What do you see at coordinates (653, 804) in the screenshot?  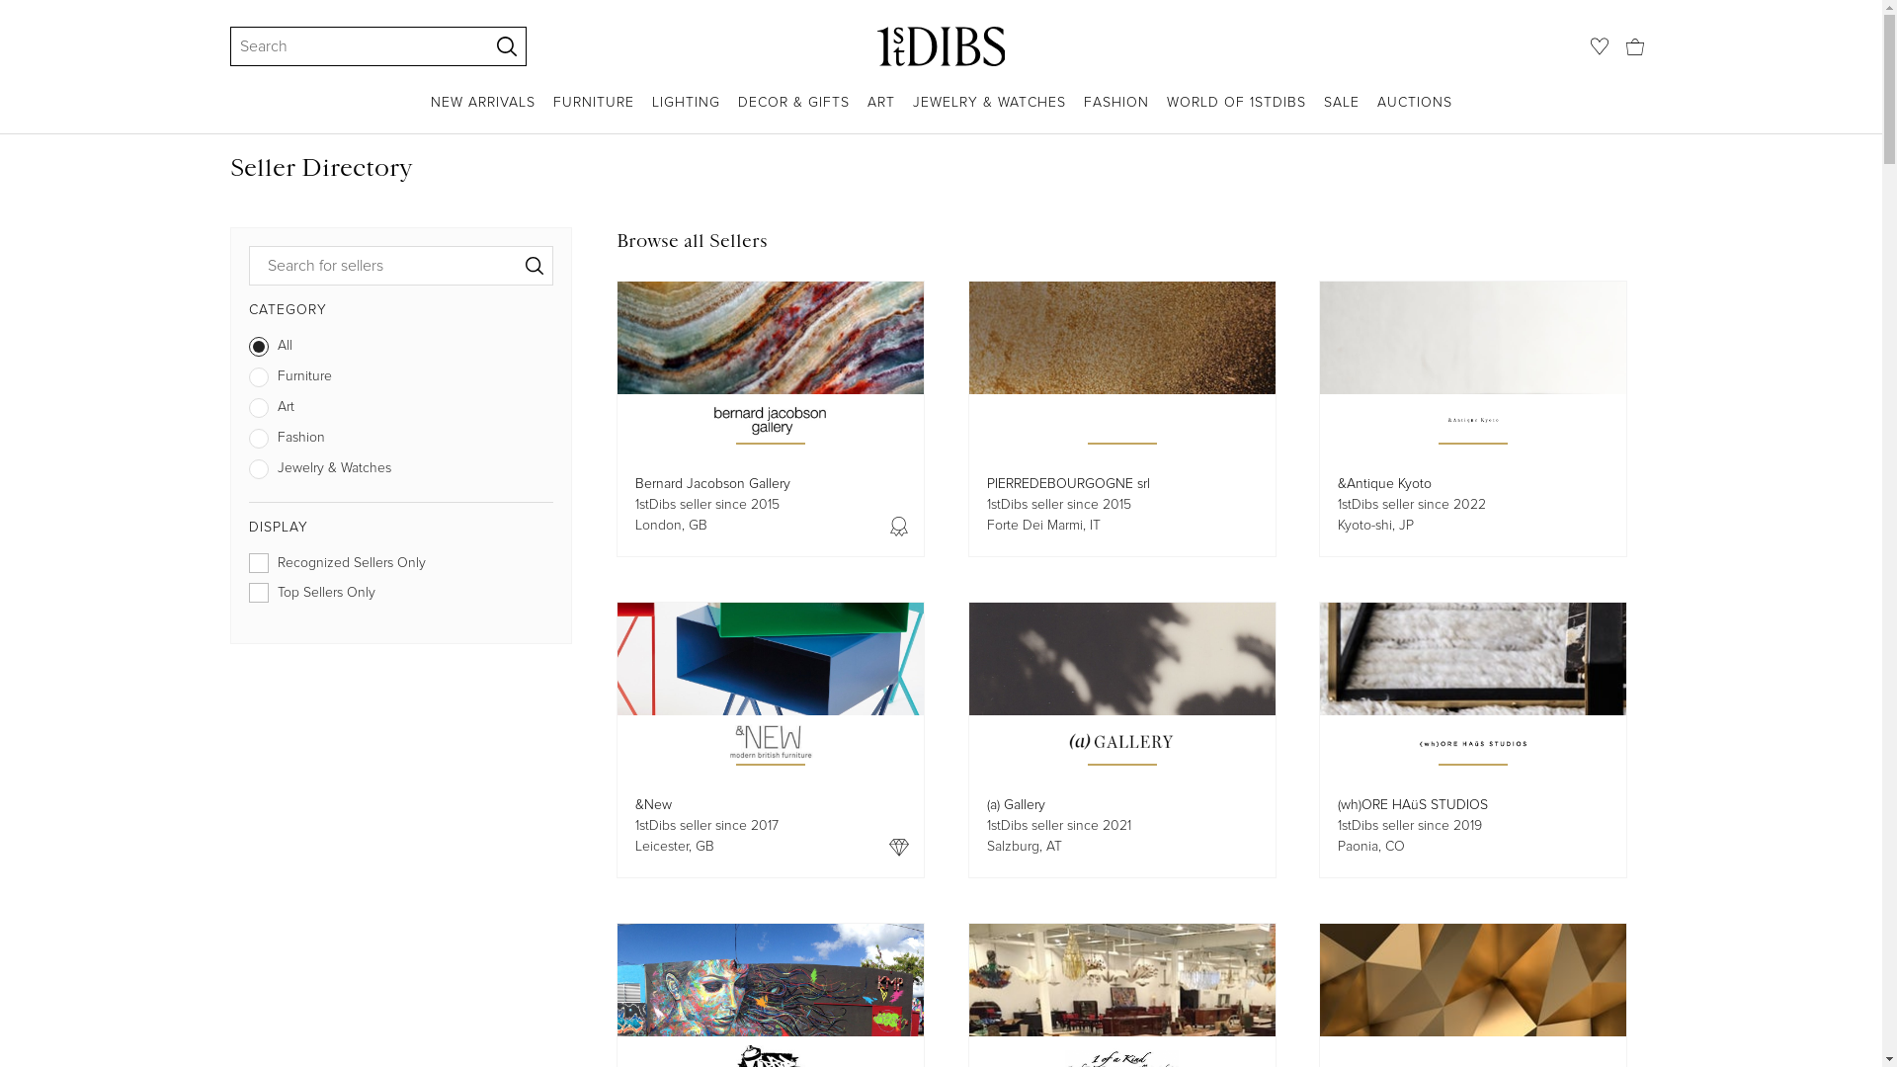 I see `'&New'` at bounding box center [653, 804].